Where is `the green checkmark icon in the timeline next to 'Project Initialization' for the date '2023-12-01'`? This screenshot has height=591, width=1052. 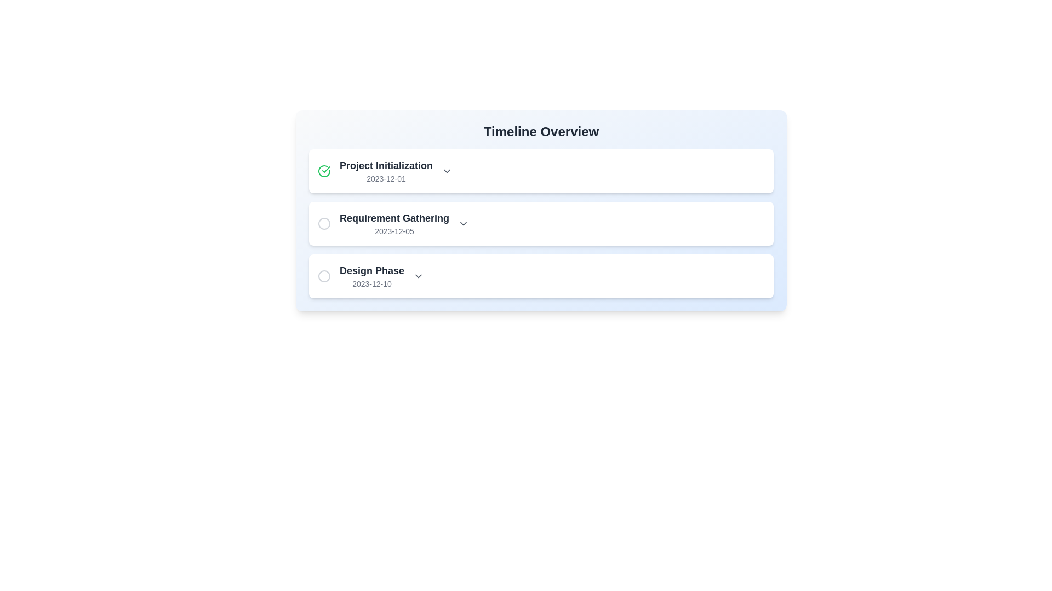
the green checkmark icon in the timeline next to 'Project Initialization' for the date '2023-12-01' is located at coordinates (325, 169).